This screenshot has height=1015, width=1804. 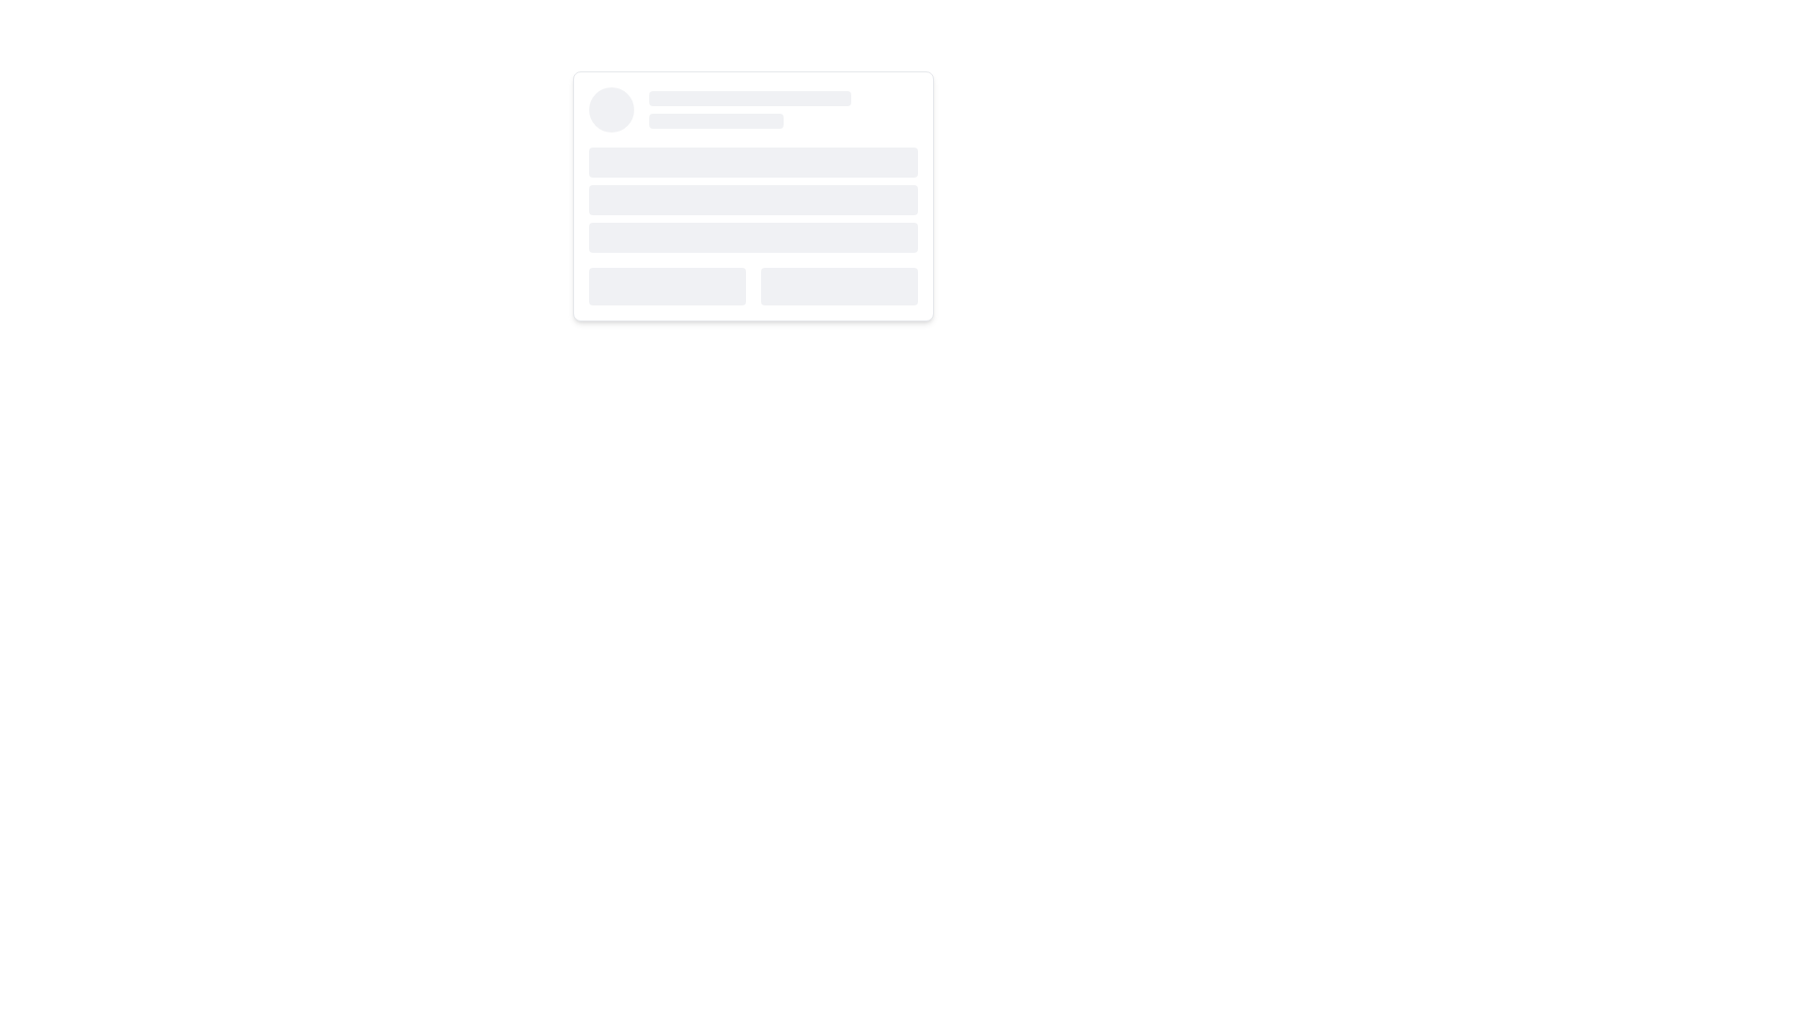 What do you see at coordinates (753, 199) in the screenshot?
I see `Skeleton loader group, which consists of three vertically stacked gray rectangular components with rounded corners, located in the middle section of a structured card layout` at bounding box center [753, 199].